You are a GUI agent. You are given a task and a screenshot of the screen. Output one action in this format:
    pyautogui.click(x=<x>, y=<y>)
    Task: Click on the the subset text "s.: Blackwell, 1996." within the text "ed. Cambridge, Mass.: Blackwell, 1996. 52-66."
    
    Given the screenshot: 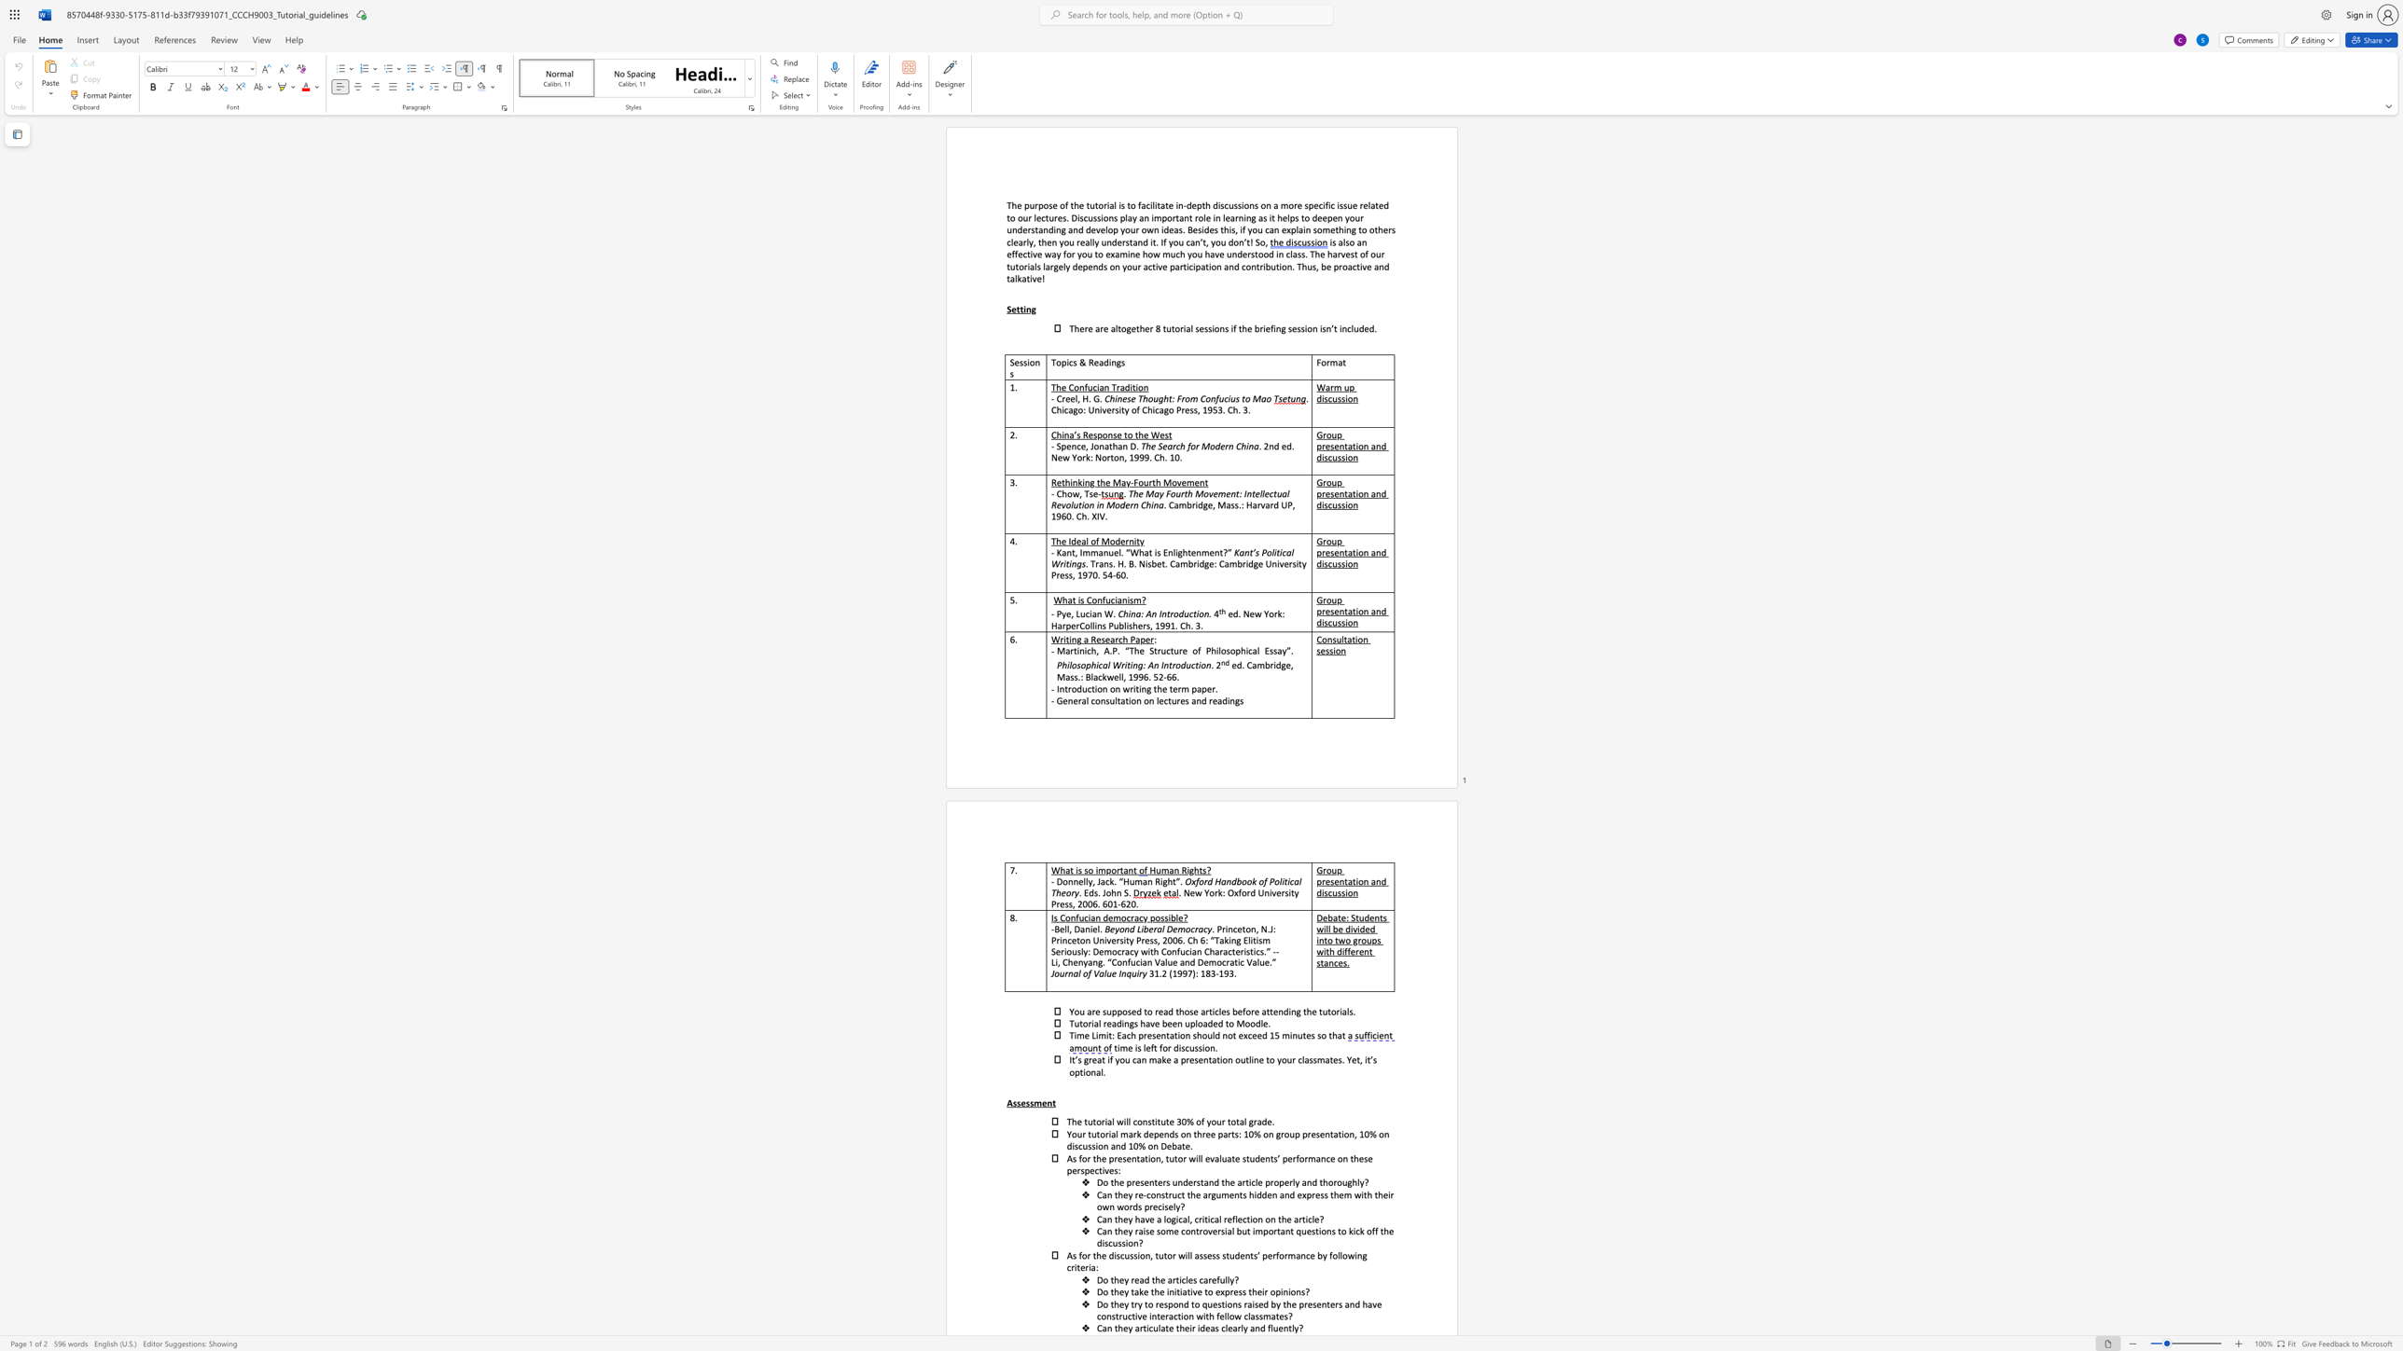 What is the action you would take?
    pyautogui.click(x=1073, y=677)
    